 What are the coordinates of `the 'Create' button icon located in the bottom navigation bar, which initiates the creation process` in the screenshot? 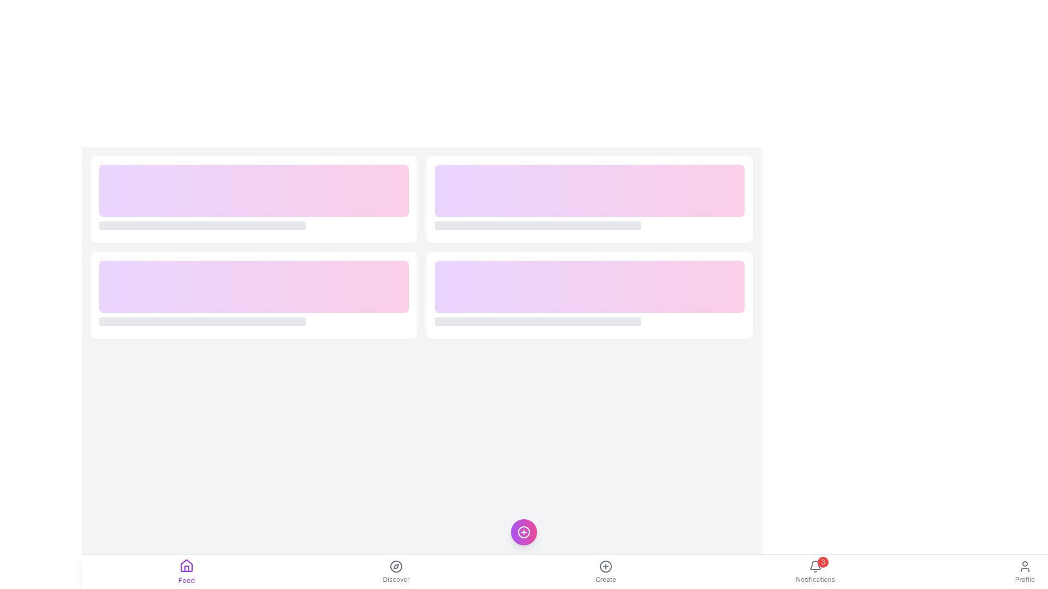 It's located at (605, 565).